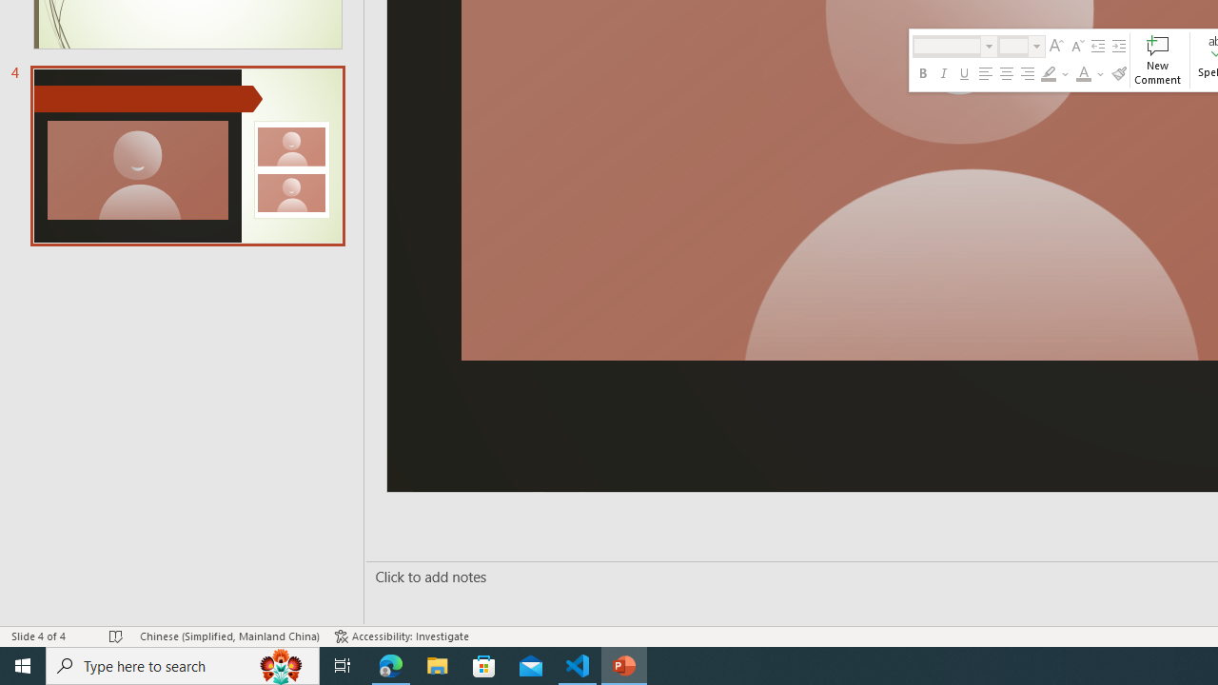 This screenshot has width=1218, height=685. What do you see at coordinates (922, 73) in the screenshot?
I see `'Bold'` at bounding box center [922, 73].